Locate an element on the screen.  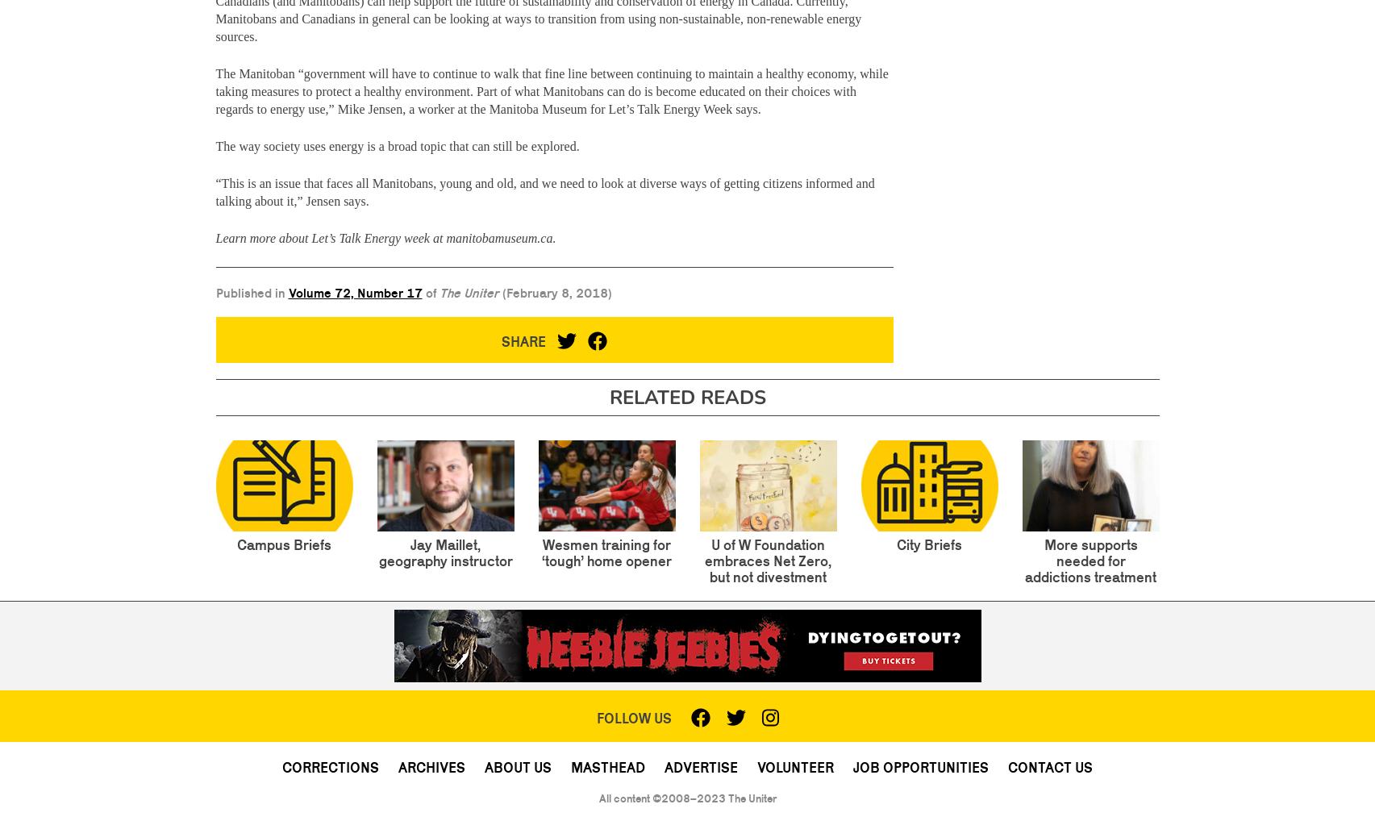
'Masthead' is located at coordinates (570, 765).